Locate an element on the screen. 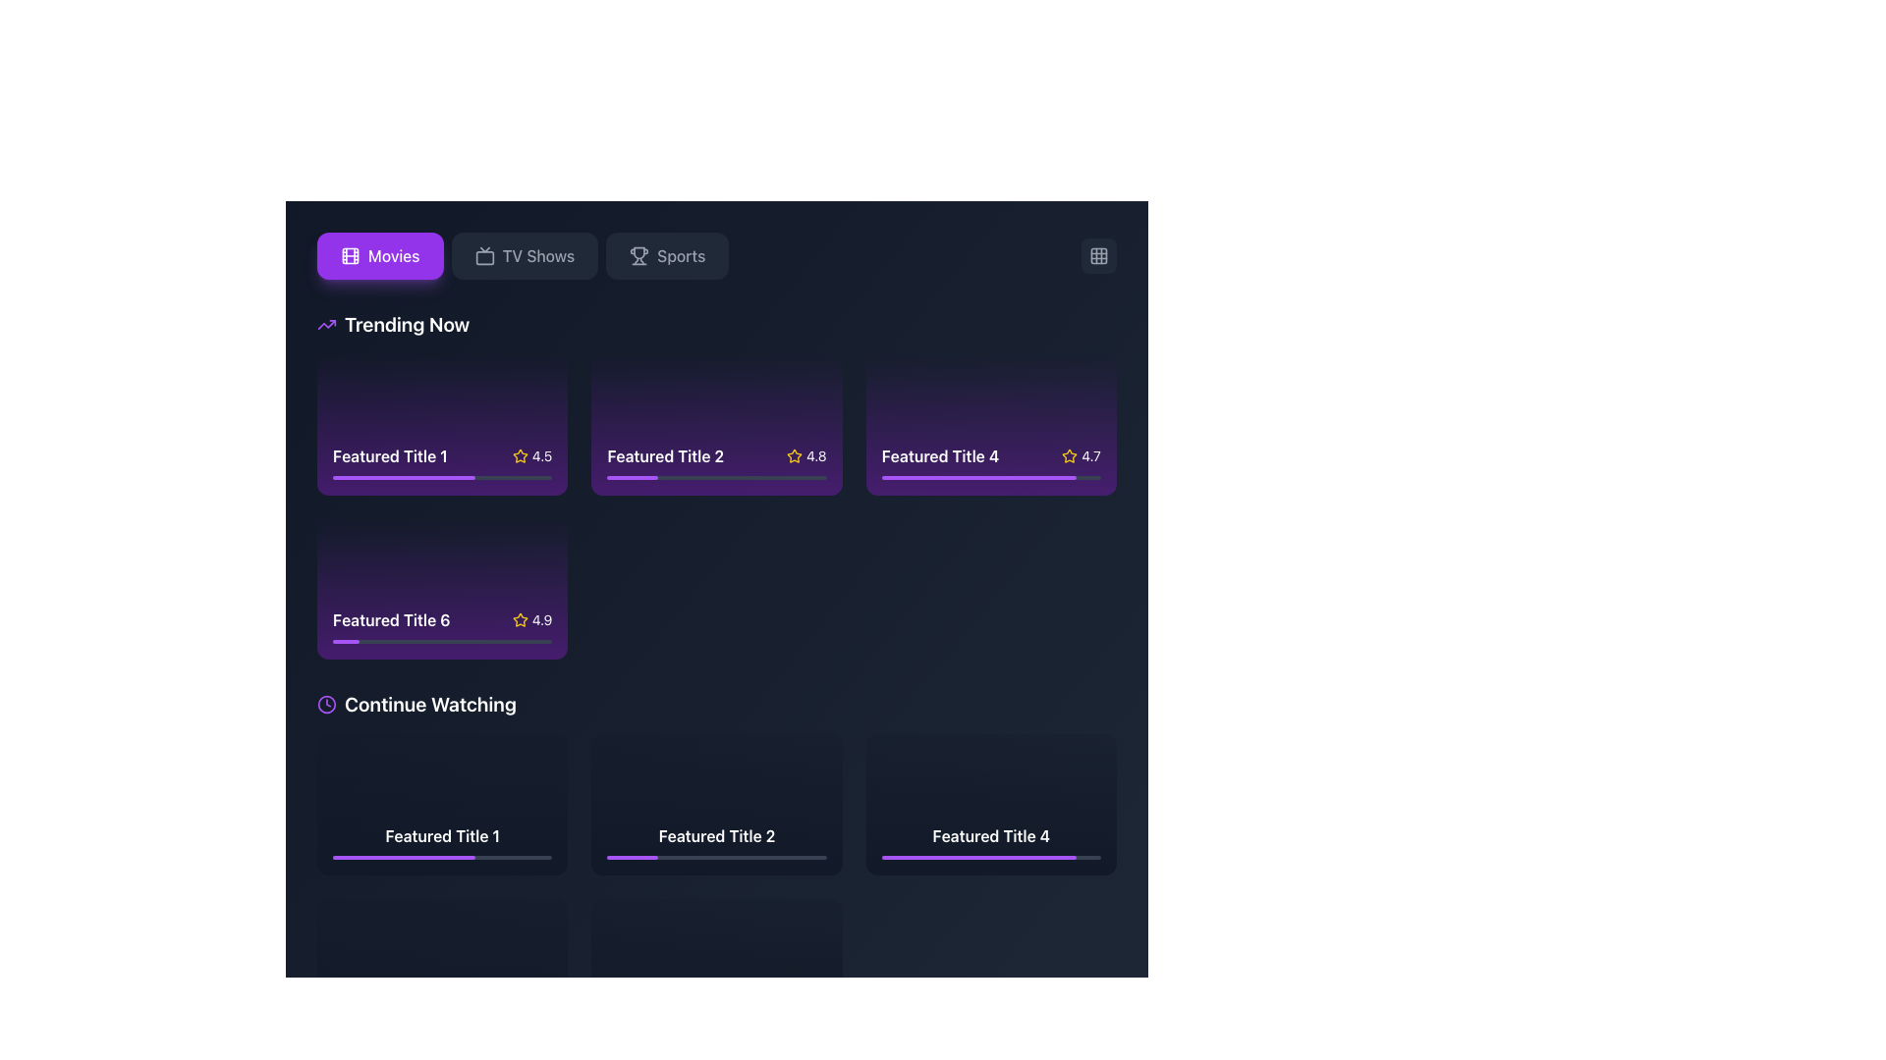  the Card UI component located in the second row and third column of the grid layout is located at coordinates (991, 805).